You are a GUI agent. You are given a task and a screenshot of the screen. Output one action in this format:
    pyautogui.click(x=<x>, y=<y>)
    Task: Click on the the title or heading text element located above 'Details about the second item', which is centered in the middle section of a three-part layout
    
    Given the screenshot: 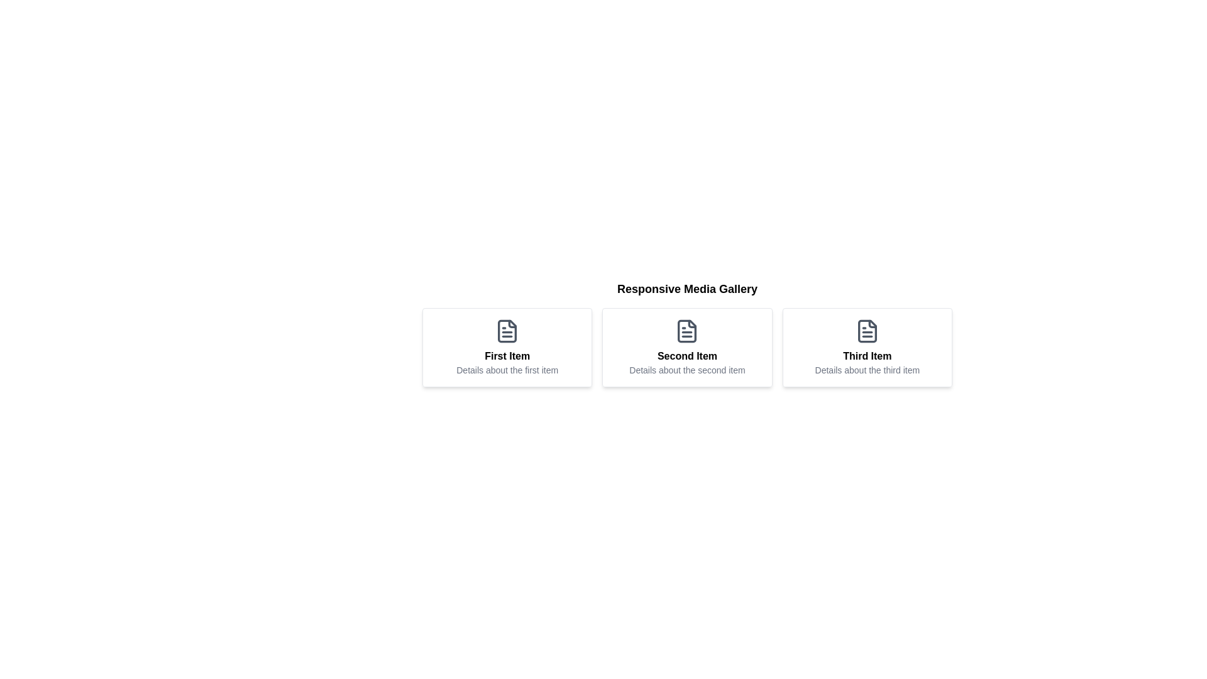 What is the action you would take?
    pyautogui.click(x=686, y=356)
    